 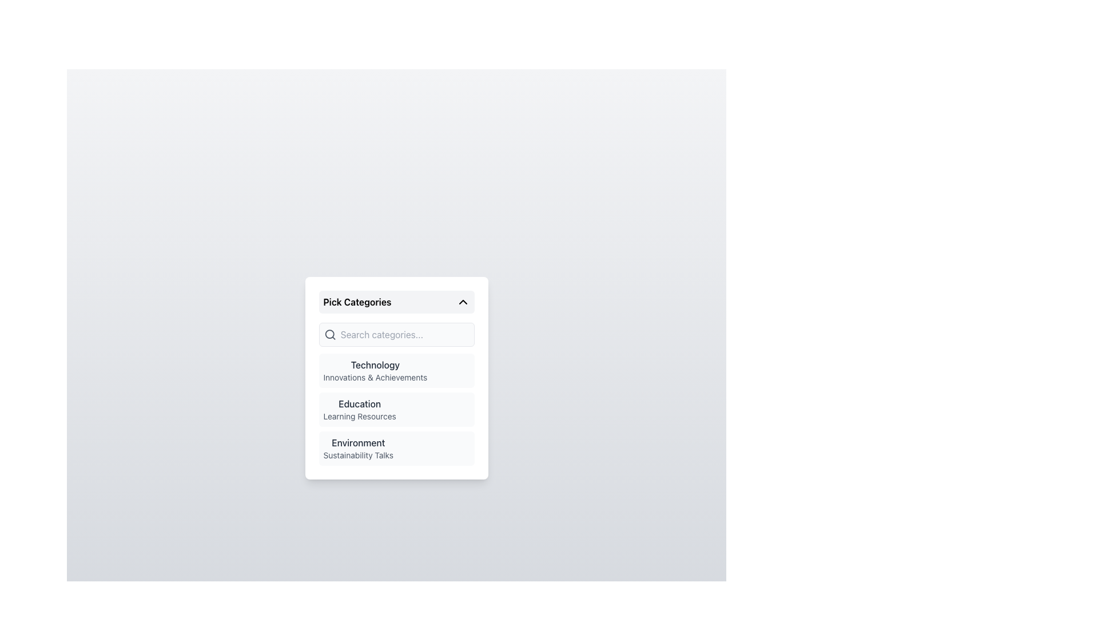 What do you see at coordinates (359, 403) in the screenshot?
I see `the Text Label that serves as a category heading, positioned above 'Learning Resources' in the dropdown interface` at bounding box center [359, 403].